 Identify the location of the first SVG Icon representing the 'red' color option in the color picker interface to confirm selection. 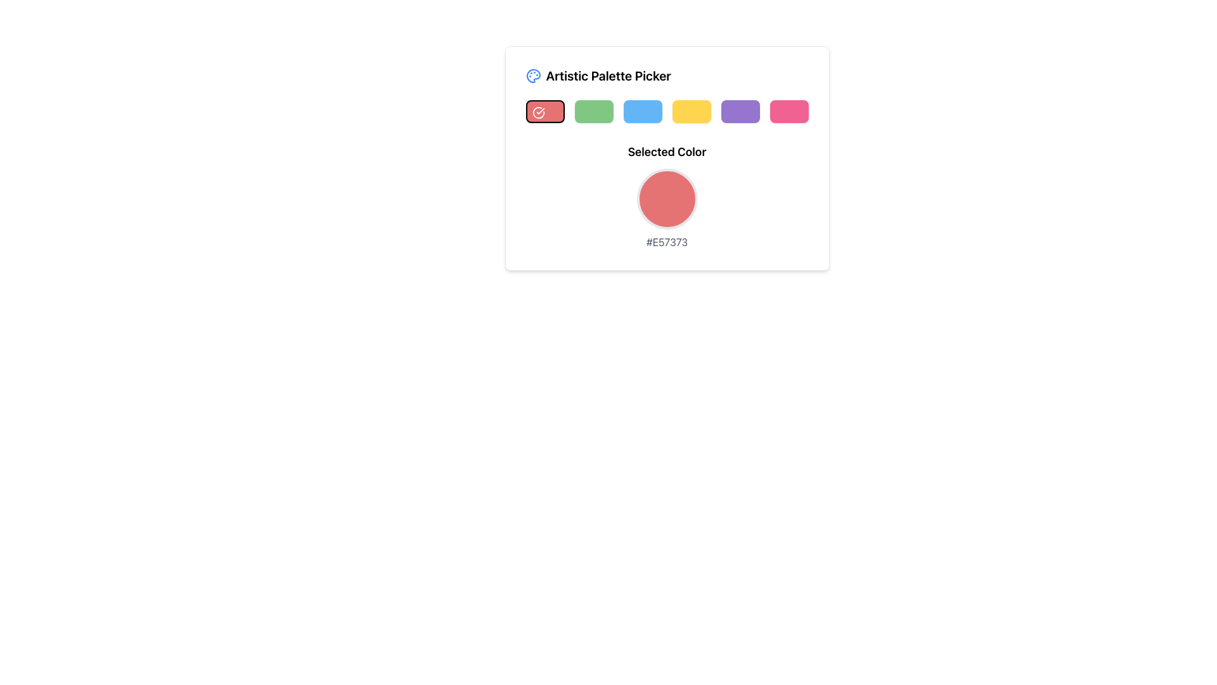
(538, 112).